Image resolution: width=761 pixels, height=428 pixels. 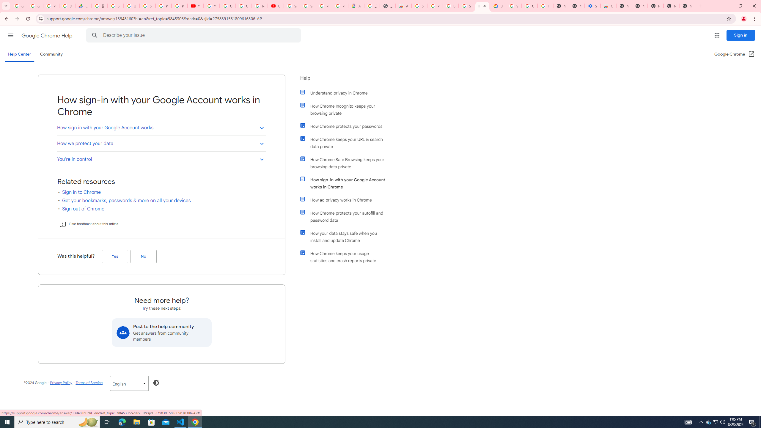 What do you see at coordinates (545, 6) in the screenshot?
I see `'Turn cookies on or off - Computer - Google Account Help'` at bounding box center [545, 6].